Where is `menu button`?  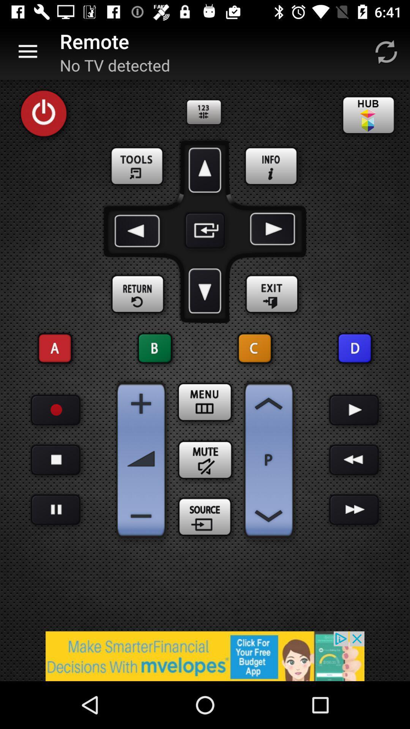 menu button is located at coordinates (205, 402).